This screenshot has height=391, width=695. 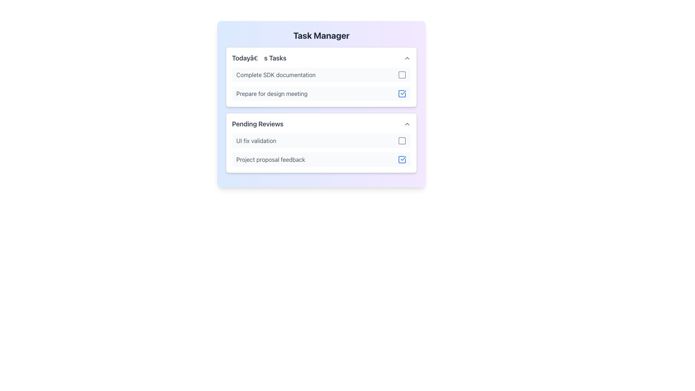 I want to click on the checkbox of the second task in the 'Today's Tasks' section of the Task Manager to mark it as completed, so click(x=321, y=84).